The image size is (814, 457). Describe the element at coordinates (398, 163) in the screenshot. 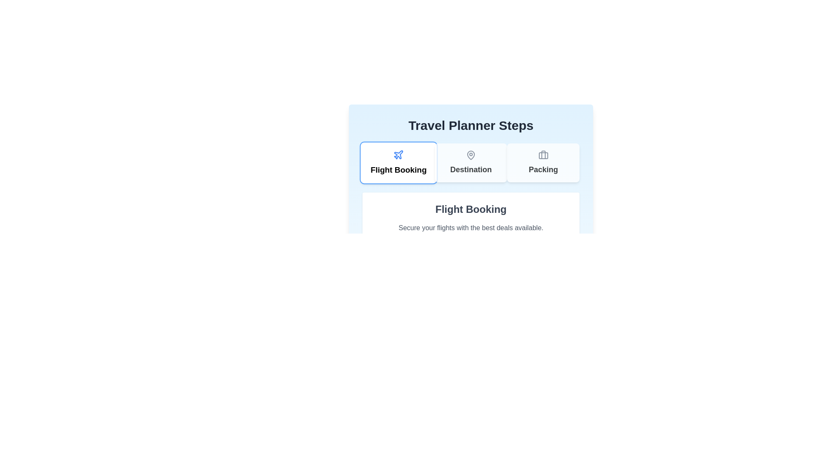

I see `the 'Flight Booking' step card, which is the first card in the horizontal arrangement under the 'Travel Planner Steps' heading` at that location.